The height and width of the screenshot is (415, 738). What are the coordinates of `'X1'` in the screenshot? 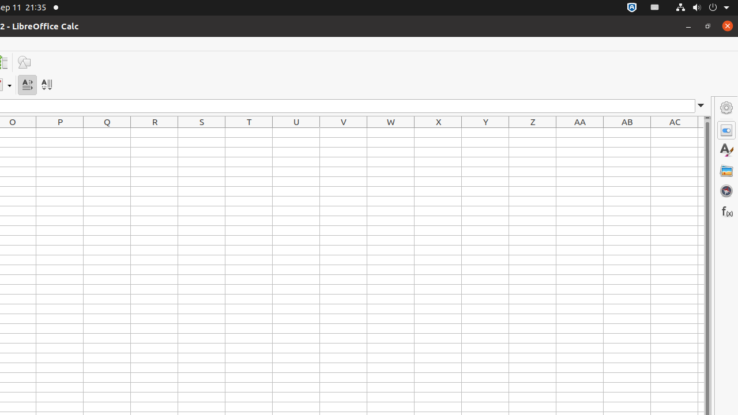 It's located at (438, 132).